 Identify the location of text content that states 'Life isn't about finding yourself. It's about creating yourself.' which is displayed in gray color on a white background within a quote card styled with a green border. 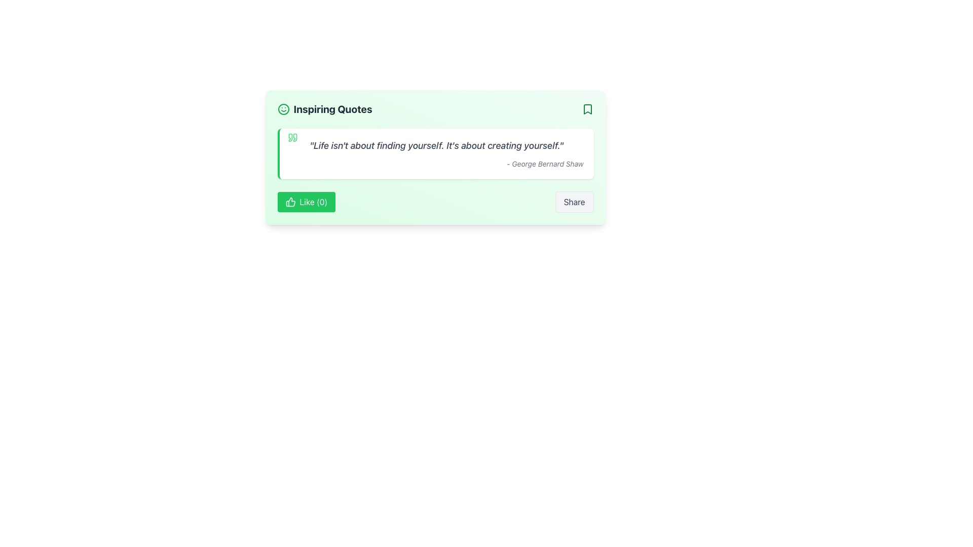
(436, 146).